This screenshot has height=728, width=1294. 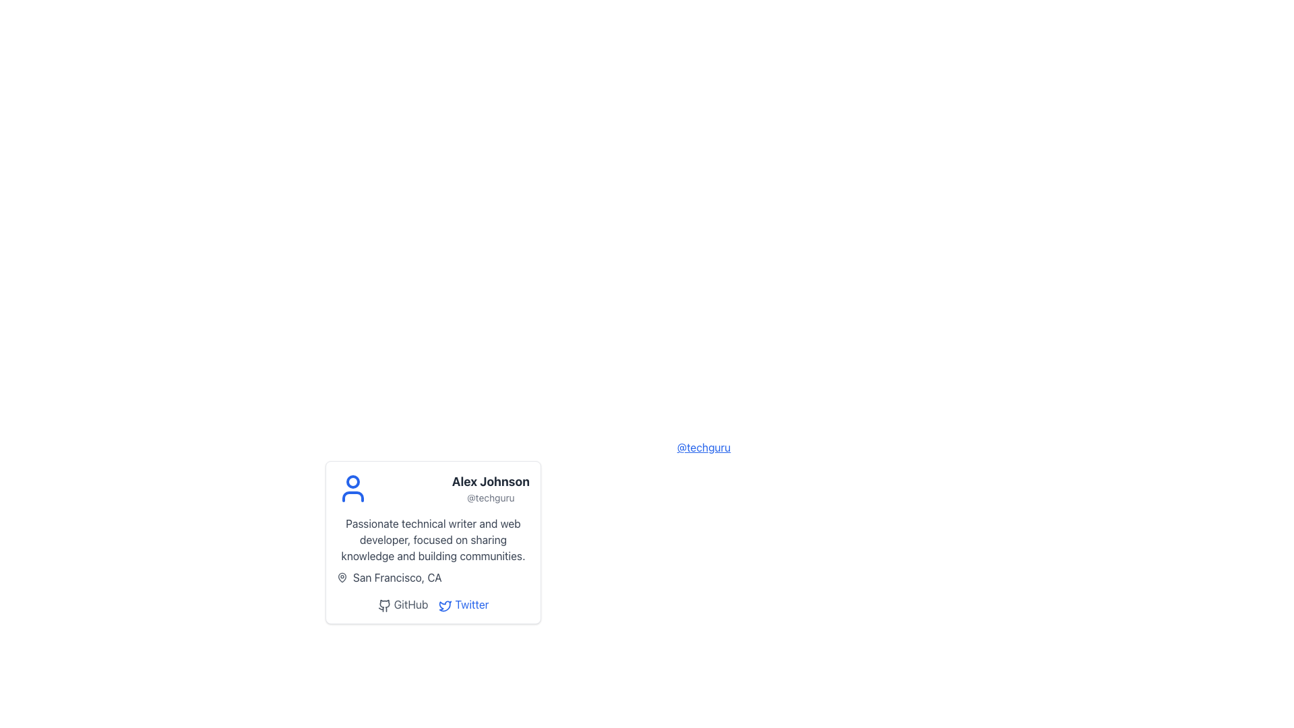 What do you see at coordinates (352, 481) in the screenshot?
I see `the circular element representing the user's avatar in the abstract user icon, which has a blue outline and is located near the top-left of the profile card` at bounding box center [352, 481].